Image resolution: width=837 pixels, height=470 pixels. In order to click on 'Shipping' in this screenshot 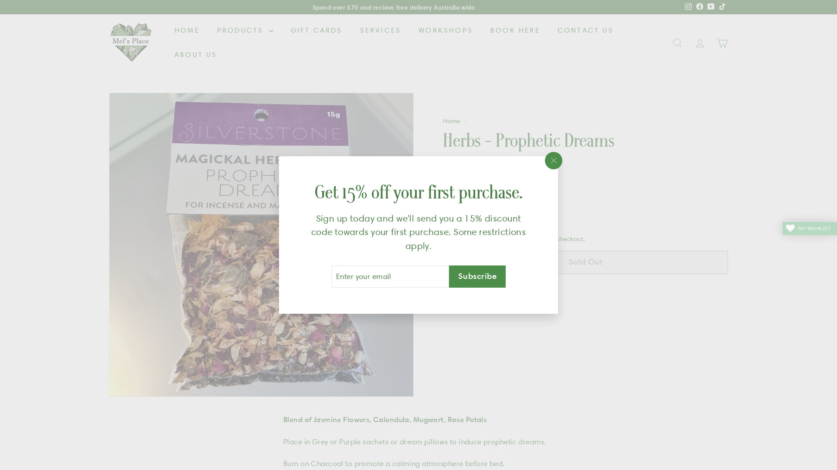, I will do `click(498, 238)`.